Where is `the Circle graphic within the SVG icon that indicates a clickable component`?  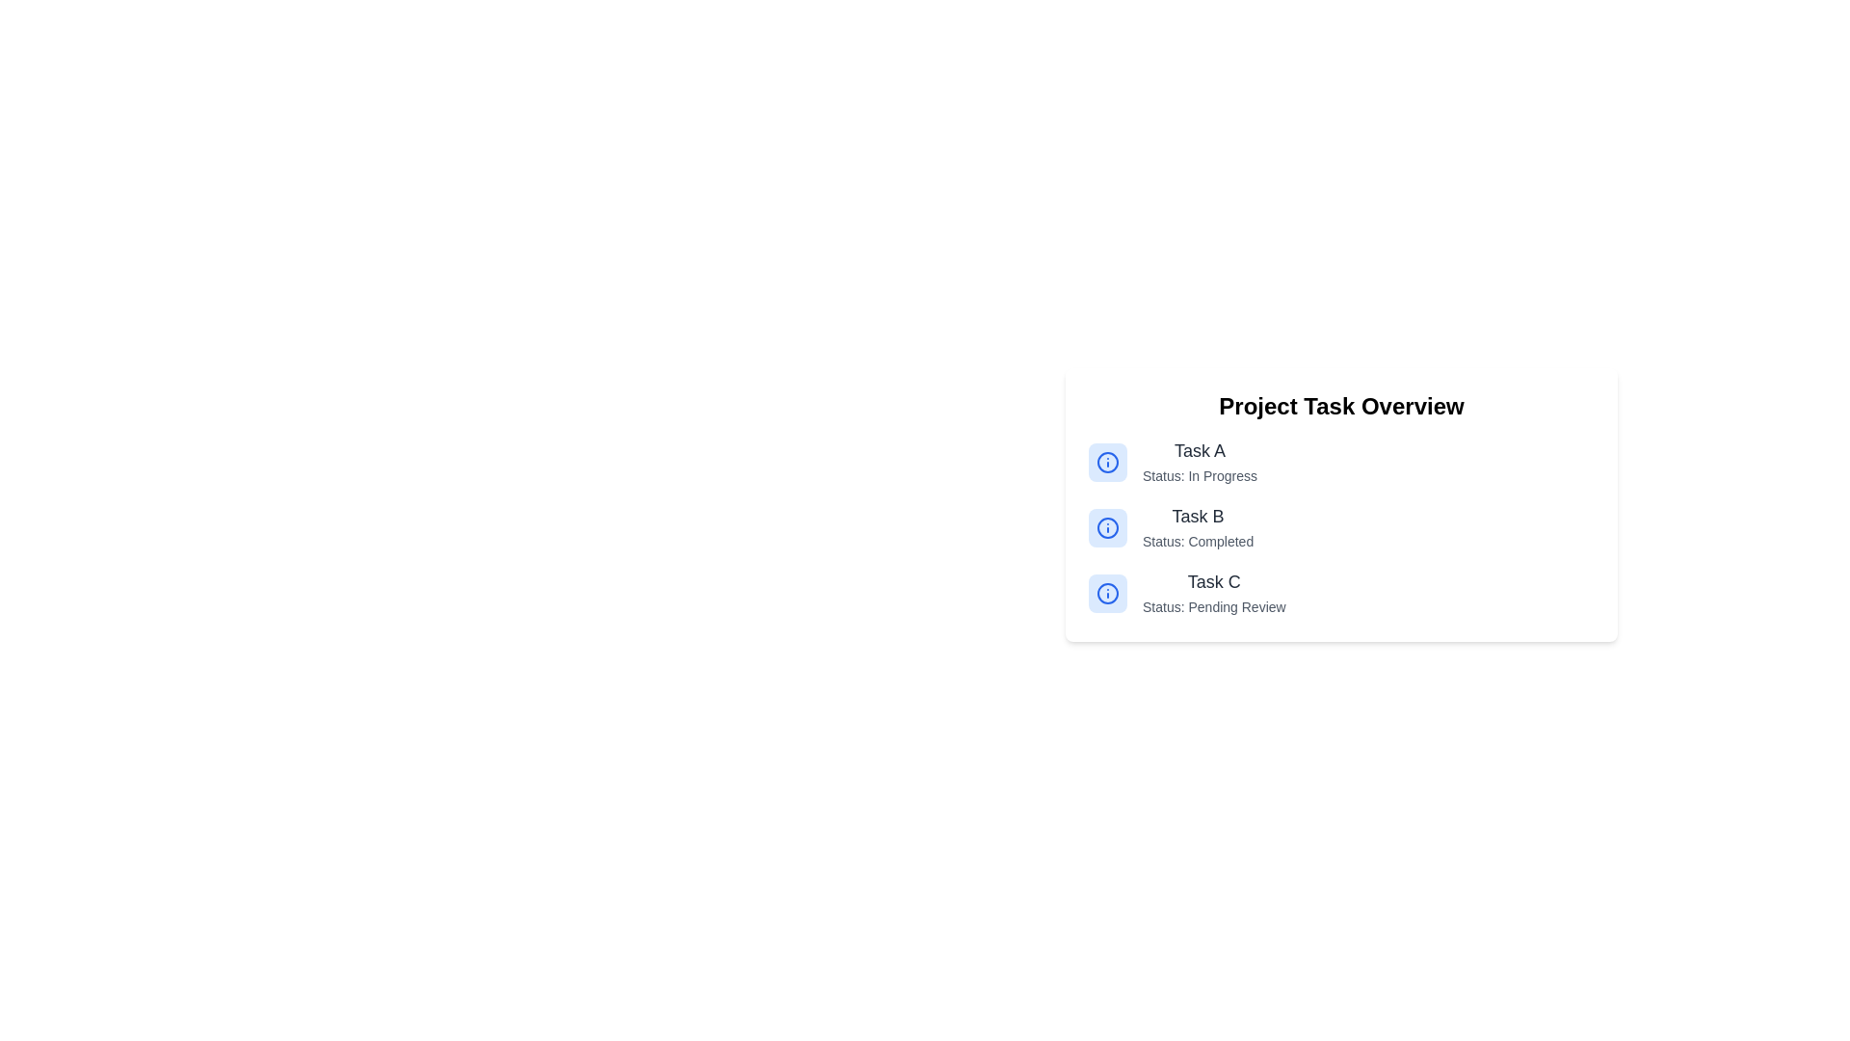 the Circle graphic within the SVG icon that indicates a clickable component is located at coordinates (1108, 527).